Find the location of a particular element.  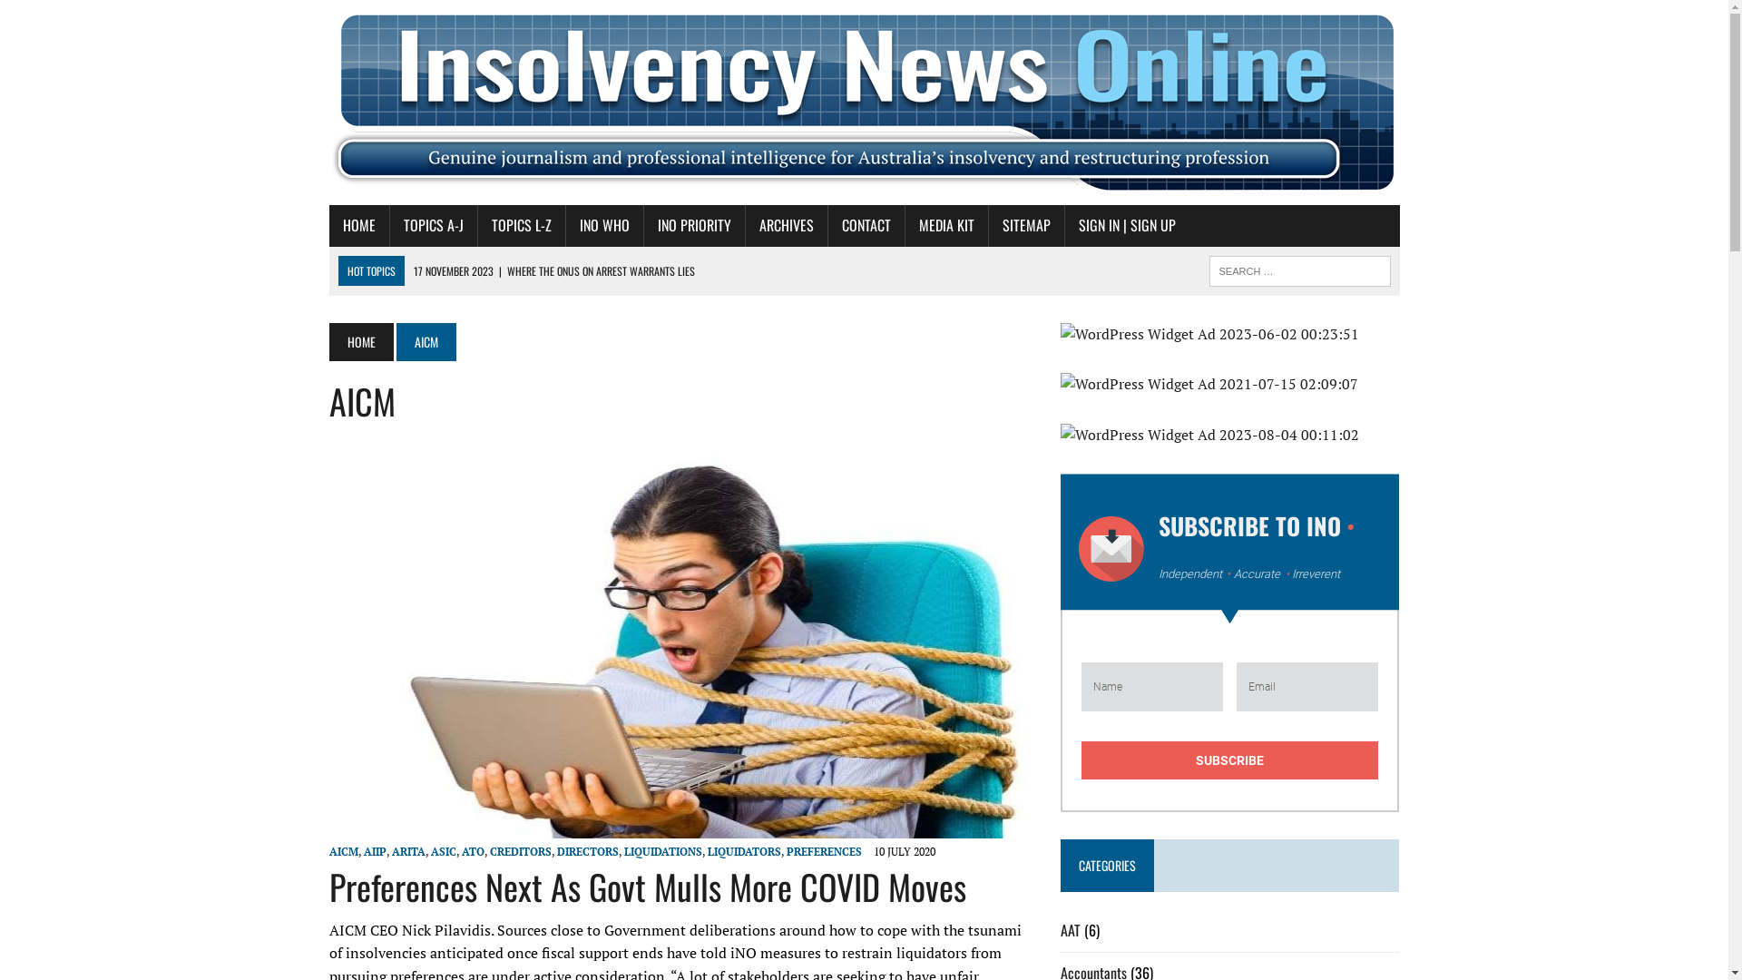

'SITEMAP' is located at coordinates (1026, 225).